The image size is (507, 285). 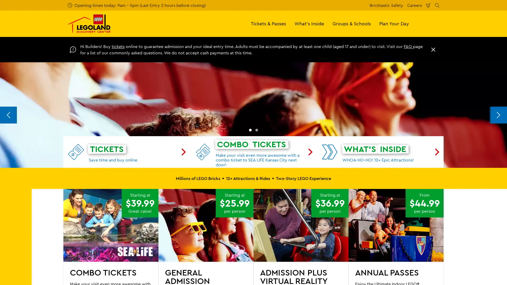 What do you see at coordinates (250, 230) in the screenshot?
I see `Go to slide 1` at bounding box center [250, 230].